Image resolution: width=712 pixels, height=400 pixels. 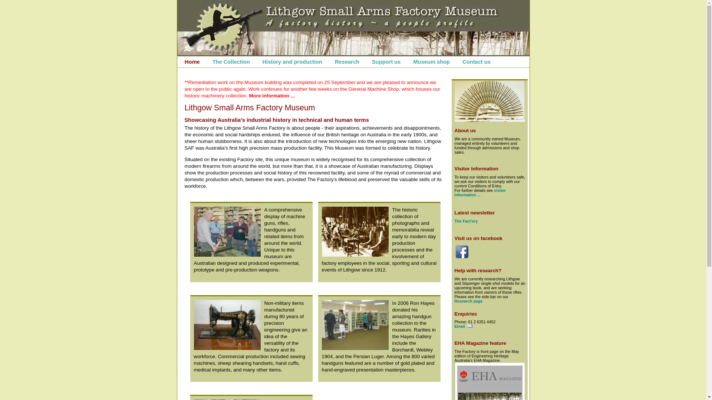 I want to click on 'Research page', so click(x=468, y=301).